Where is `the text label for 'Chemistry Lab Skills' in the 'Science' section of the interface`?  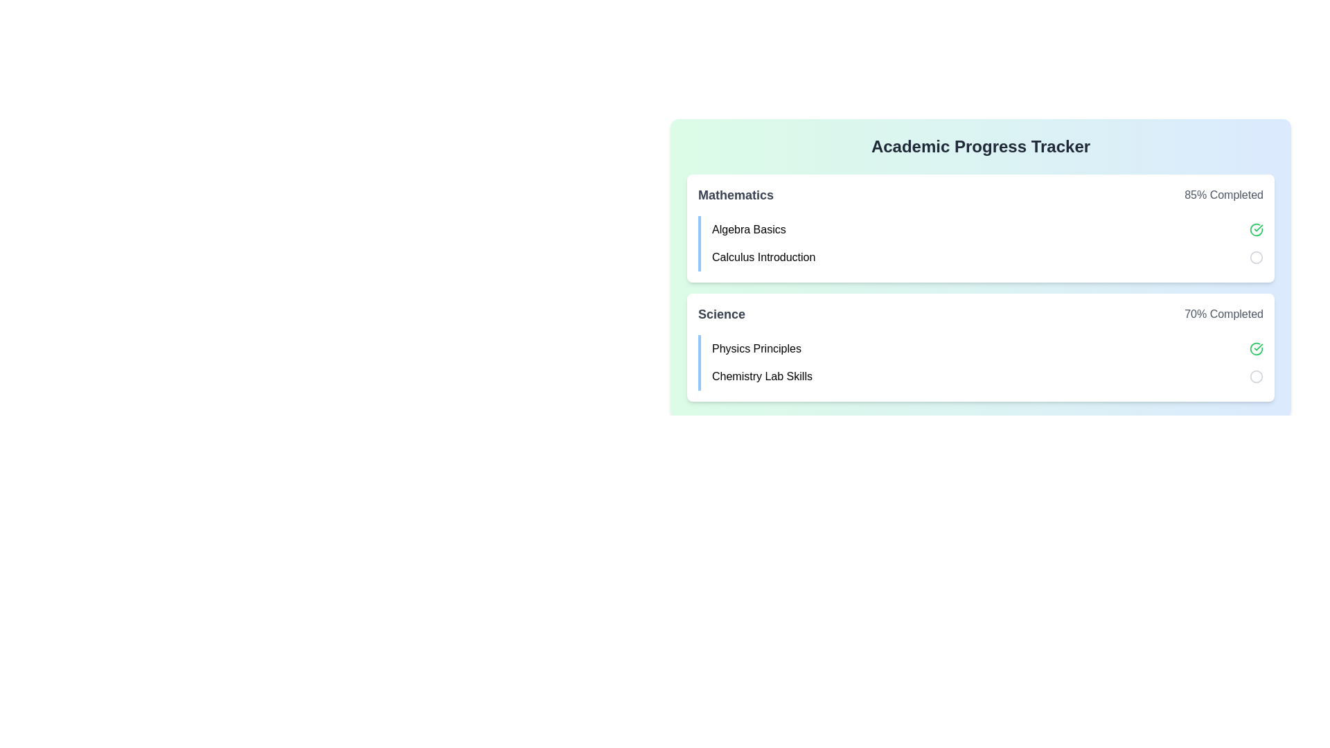 the text label for 'Chemistry Lab Skills' in the 'Science' section of the interface is located at coordinates (761, 376).